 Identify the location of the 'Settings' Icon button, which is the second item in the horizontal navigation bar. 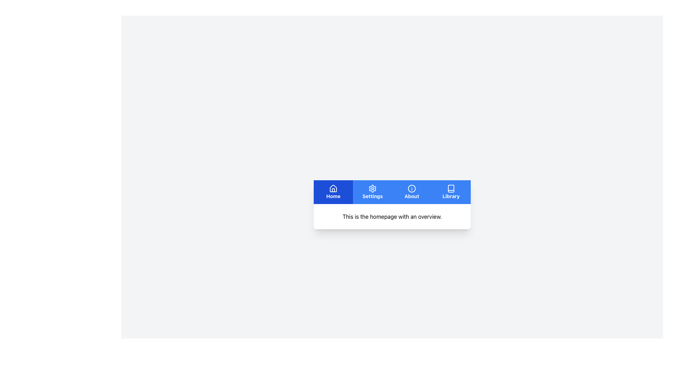
(372, 188).